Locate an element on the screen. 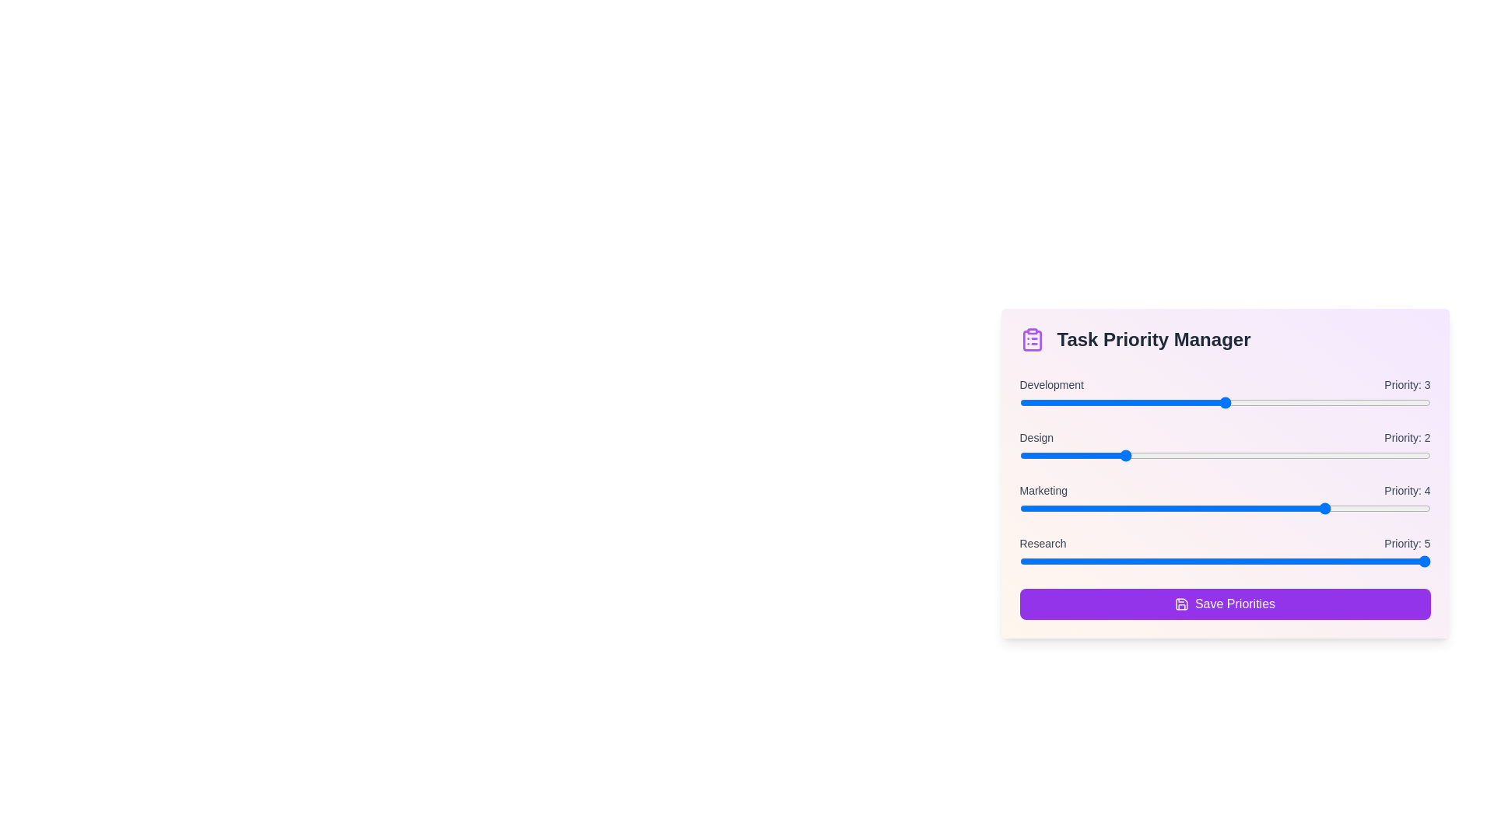 This screenshot has height=840, width=1494. the 'Save Priorities' button is located at coordinates (1224, 603).